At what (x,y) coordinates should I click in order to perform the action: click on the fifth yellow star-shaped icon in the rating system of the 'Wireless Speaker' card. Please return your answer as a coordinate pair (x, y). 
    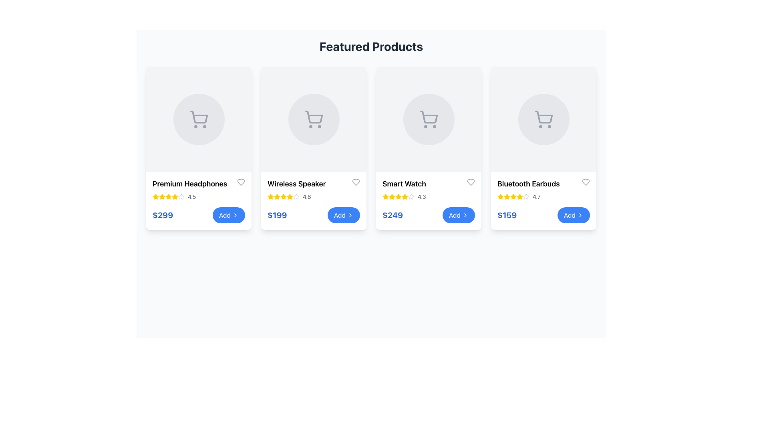
    Looking at the image, I should click on (284, 196).